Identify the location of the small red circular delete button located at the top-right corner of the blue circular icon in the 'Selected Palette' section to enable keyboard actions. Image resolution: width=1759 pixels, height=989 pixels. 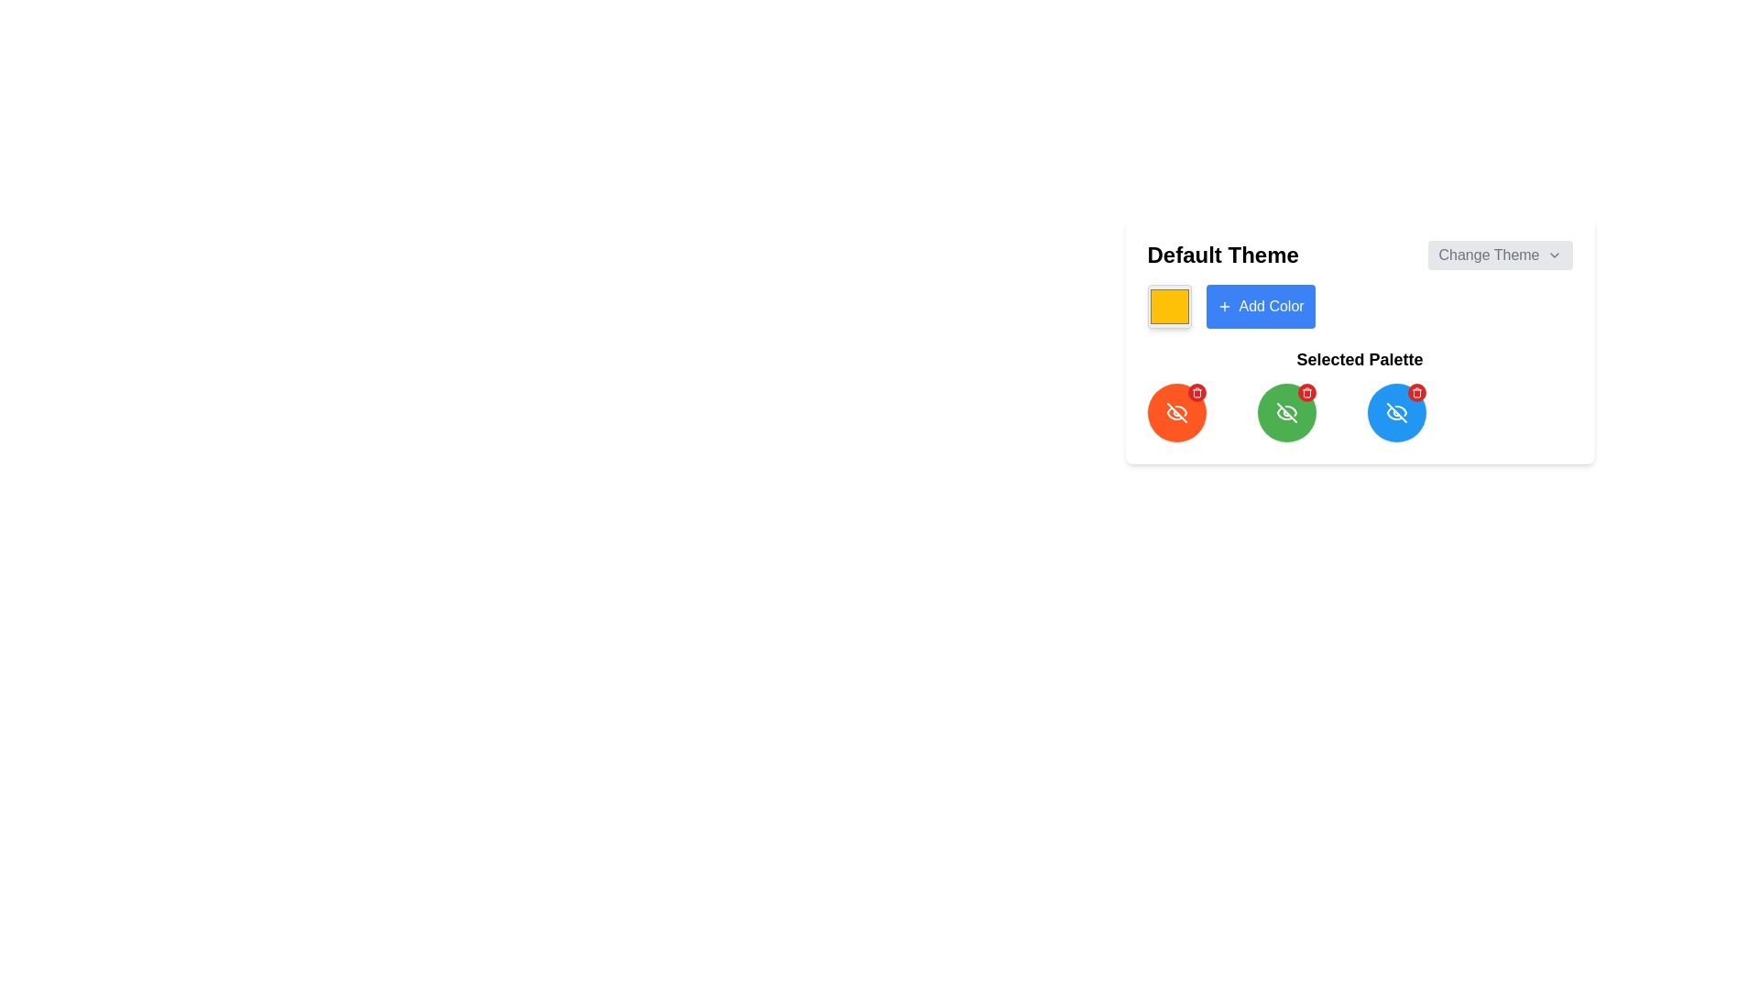
(1415, 391).